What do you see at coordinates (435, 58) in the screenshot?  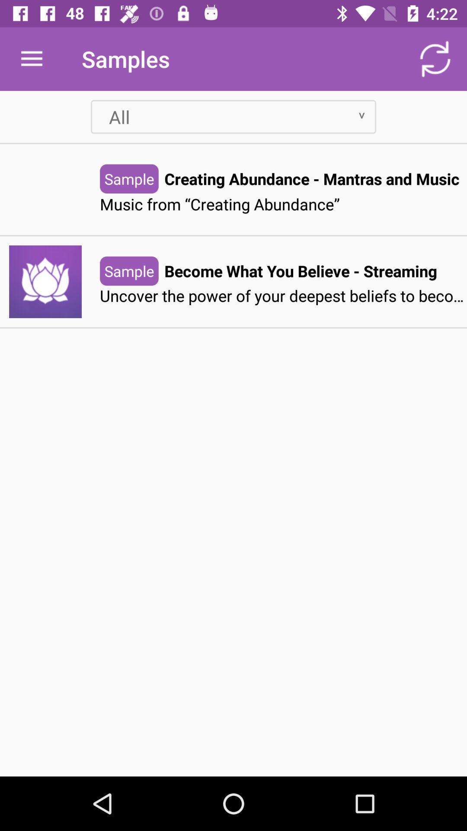 I see `item next to the samples` at bounding box center [435, 58].